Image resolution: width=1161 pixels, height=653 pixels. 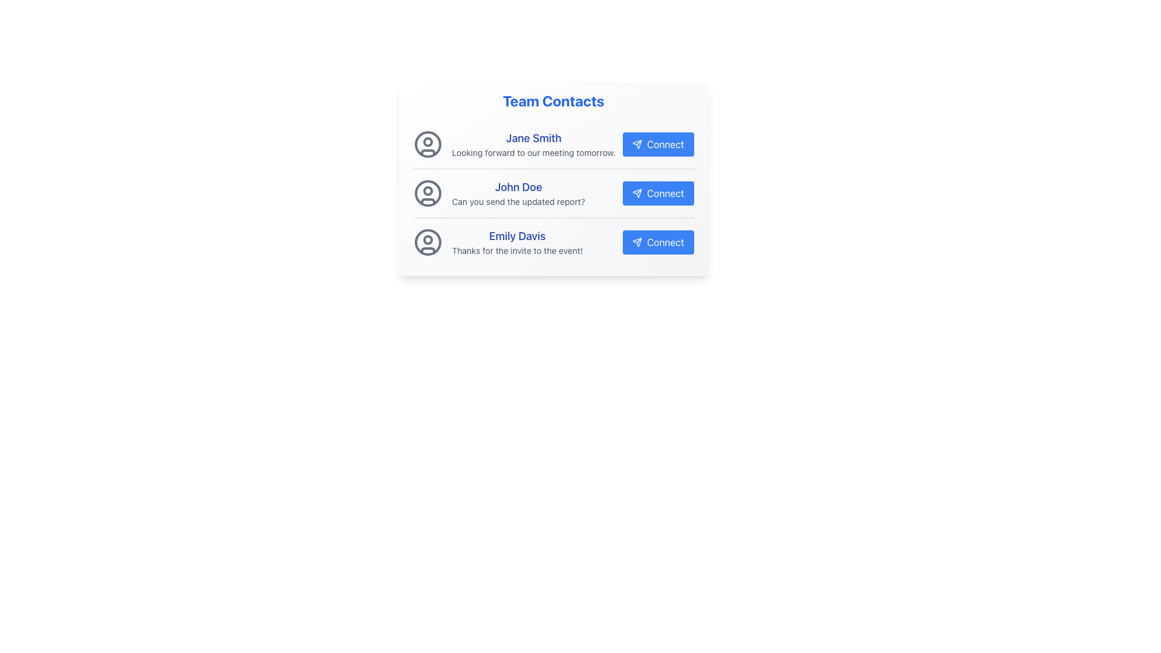 What do you see at coordinates (553, 193) in the screenshot?
I see `the profile name 'John Doe' in the second row of the 'Team Contacts' list` at bounding box center [553, 193].